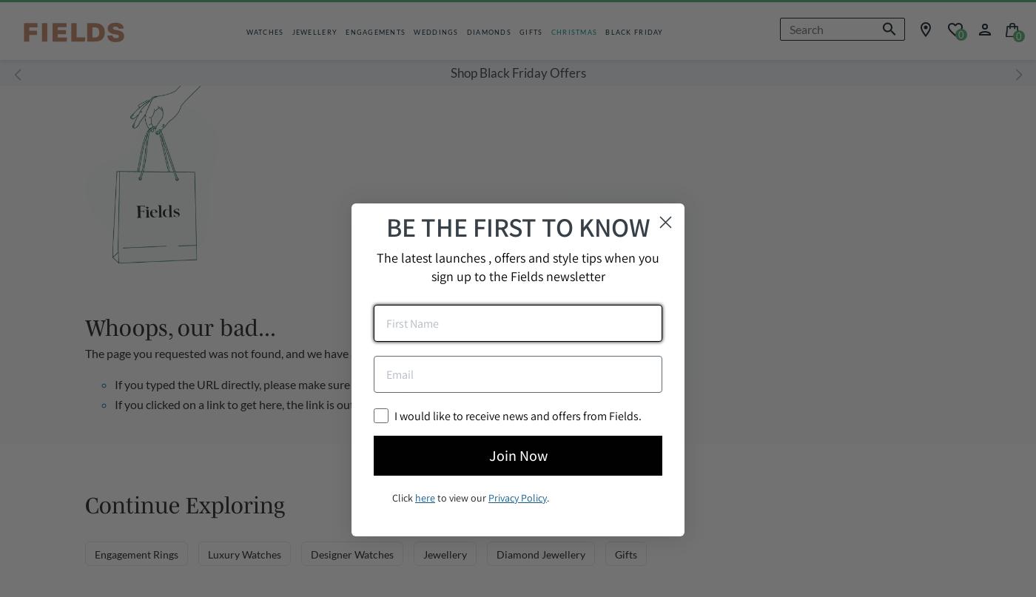  What do you see at coordinates (626, 553) in the screenshot?
I see `'Gifts'` at bounding box center [626, 553].